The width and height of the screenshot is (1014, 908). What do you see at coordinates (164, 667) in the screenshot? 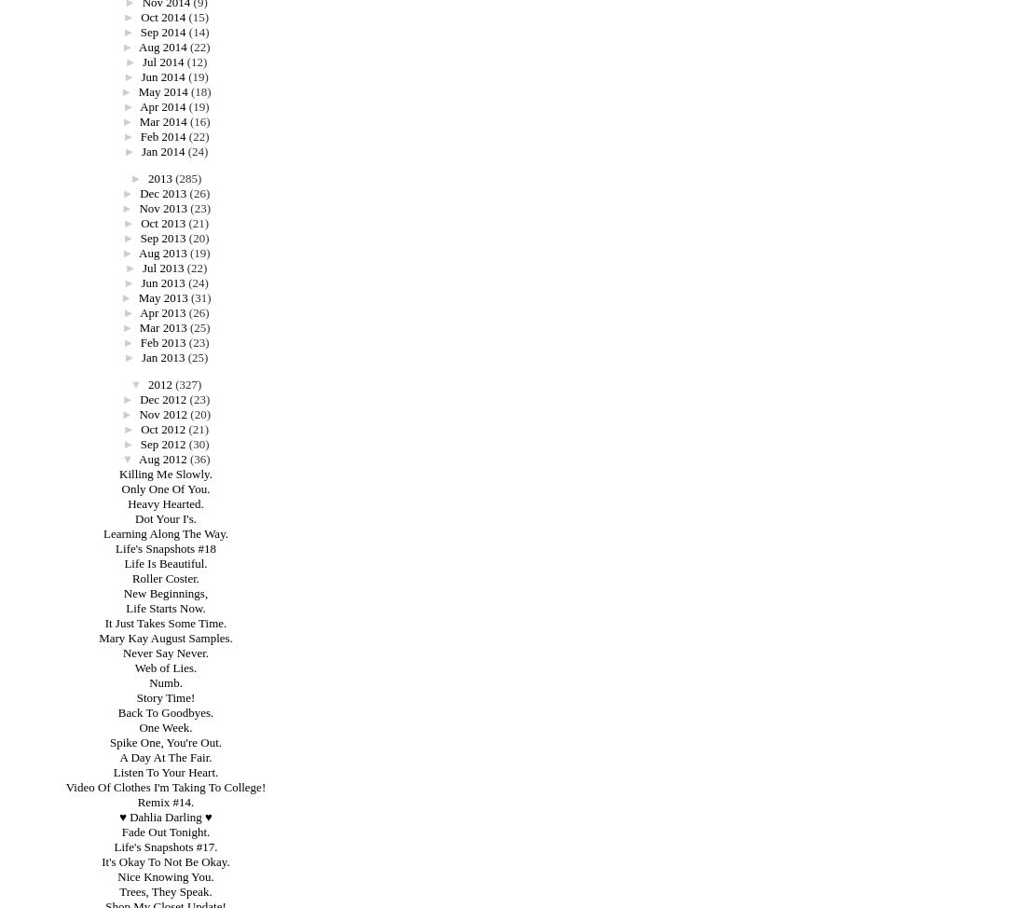
I see `'Web of Lies.'` at bounding box center [164, 667].